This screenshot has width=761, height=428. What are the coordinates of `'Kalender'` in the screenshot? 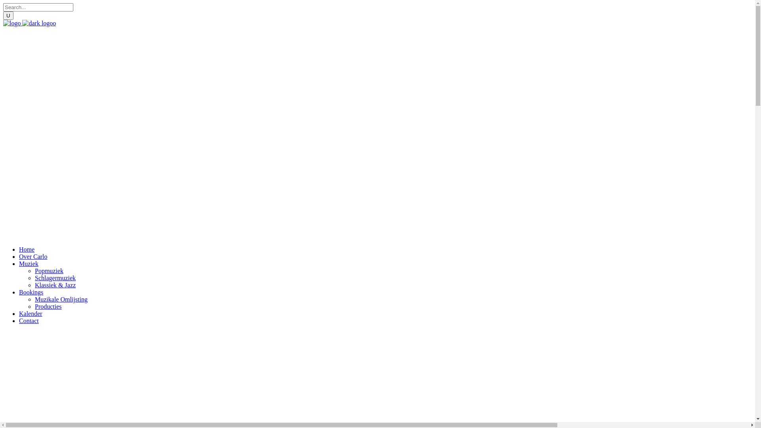 It's located at (31, 313).